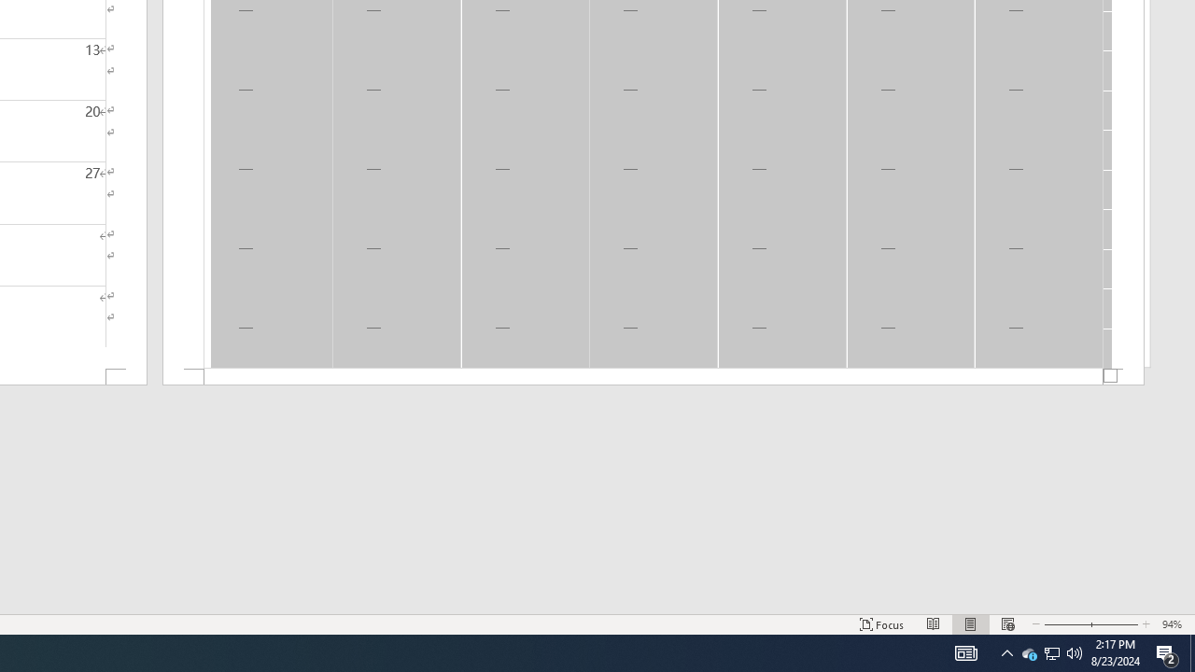  I want to click on 'Zoom In', so click(1114, 624).